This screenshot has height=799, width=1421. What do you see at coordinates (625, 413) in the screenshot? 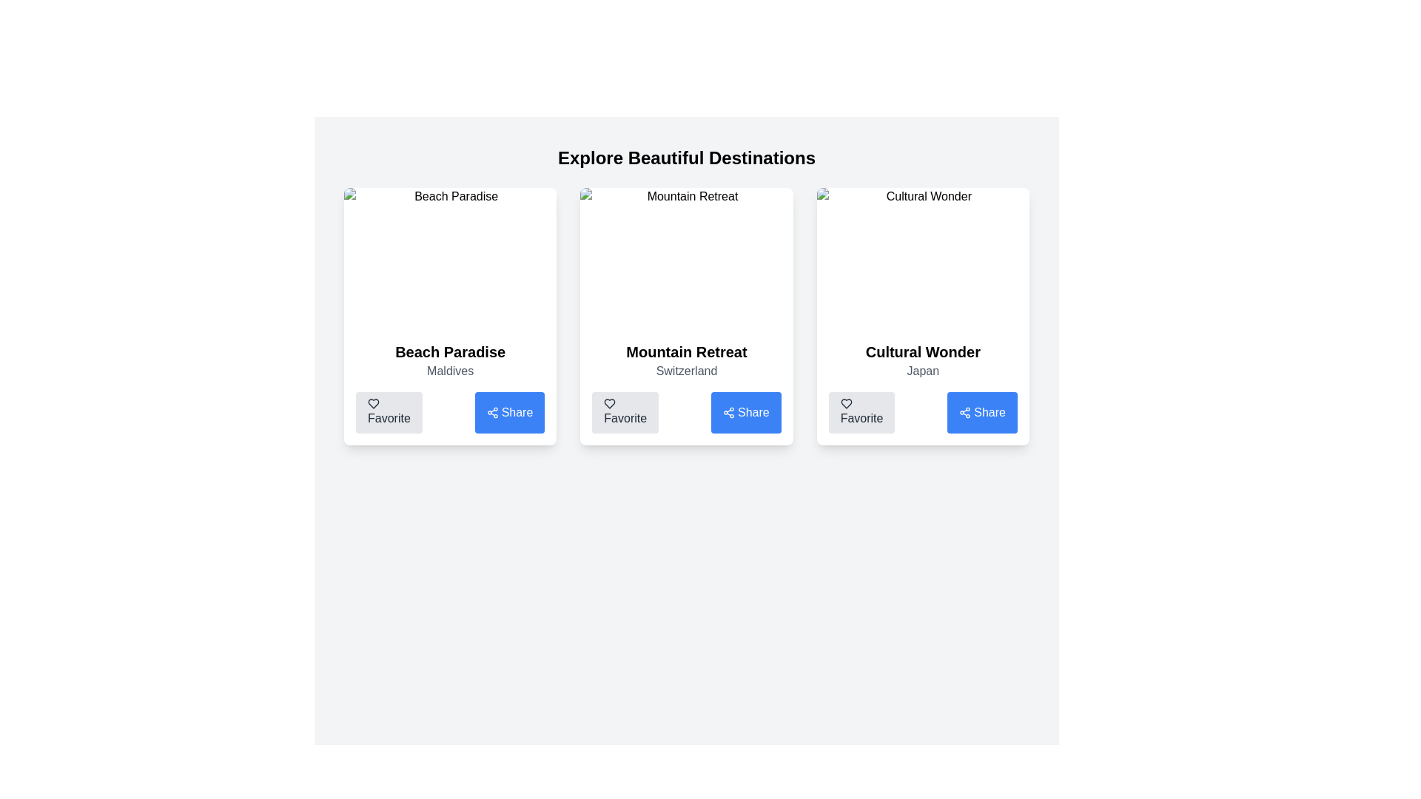
I see `the favorite button located in the bottom-left corner of the second card titled 'Mountain Retreat'` at bounding box center [625, 413].